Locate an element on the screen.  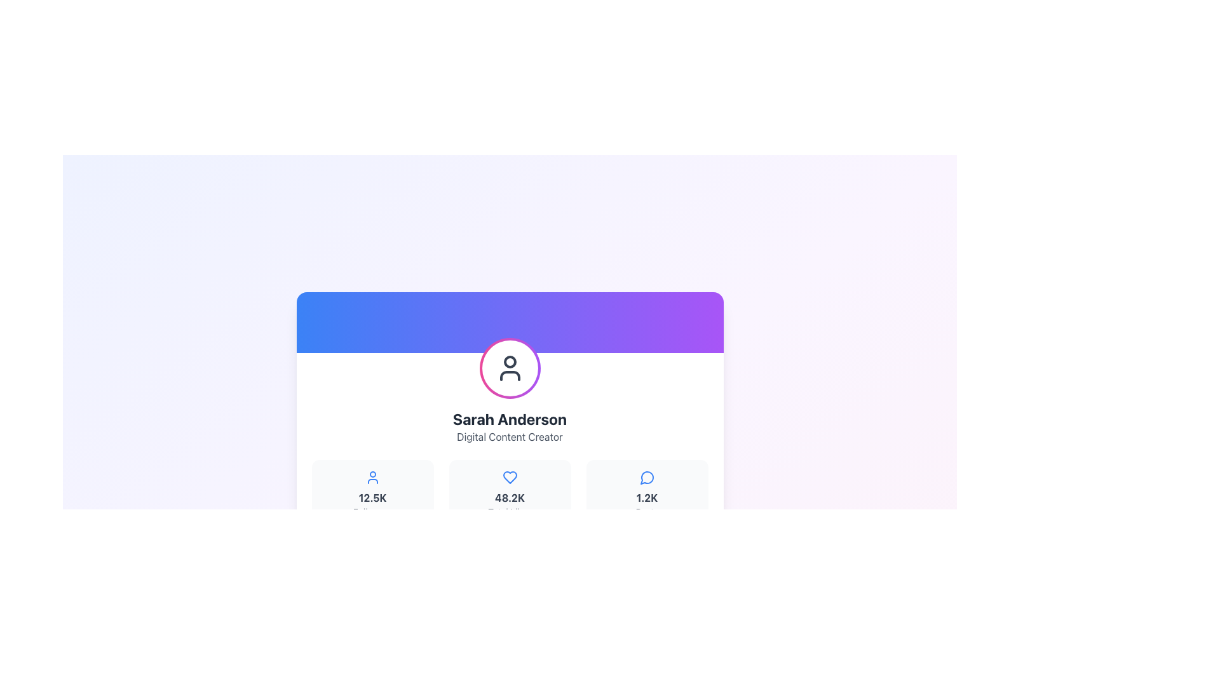
the blue outlined heart icon that is prominently positioned at the center of a rectangular section containing the text '48.2K' and 'Total Likes' is located at coordinates (510, 478).